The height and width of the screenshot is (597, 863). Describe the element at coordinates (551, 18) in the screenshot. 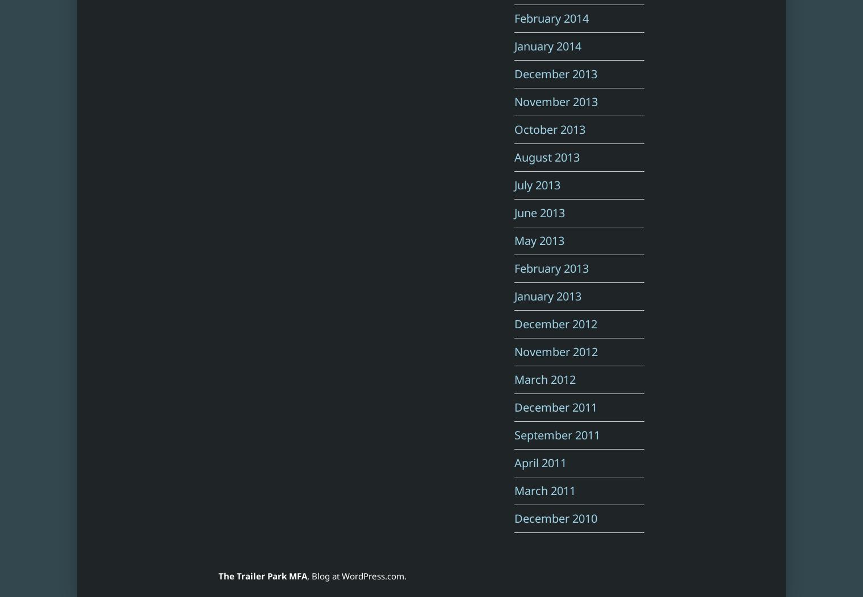

I see `'February 2014'` at that location.